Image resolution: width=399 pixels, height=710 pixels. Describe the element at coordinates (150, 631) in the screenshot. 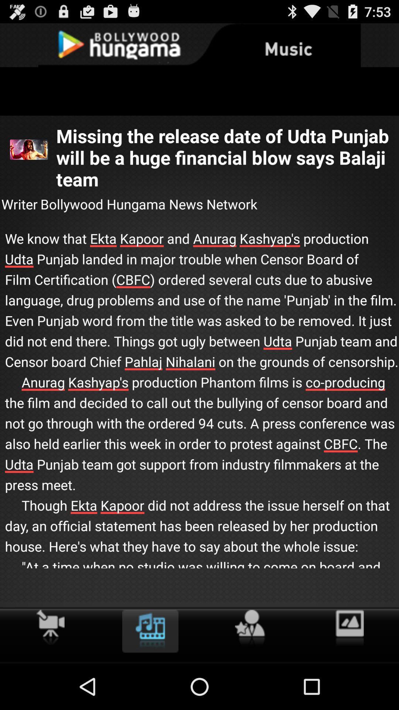

I see `item below we know that` at that location.